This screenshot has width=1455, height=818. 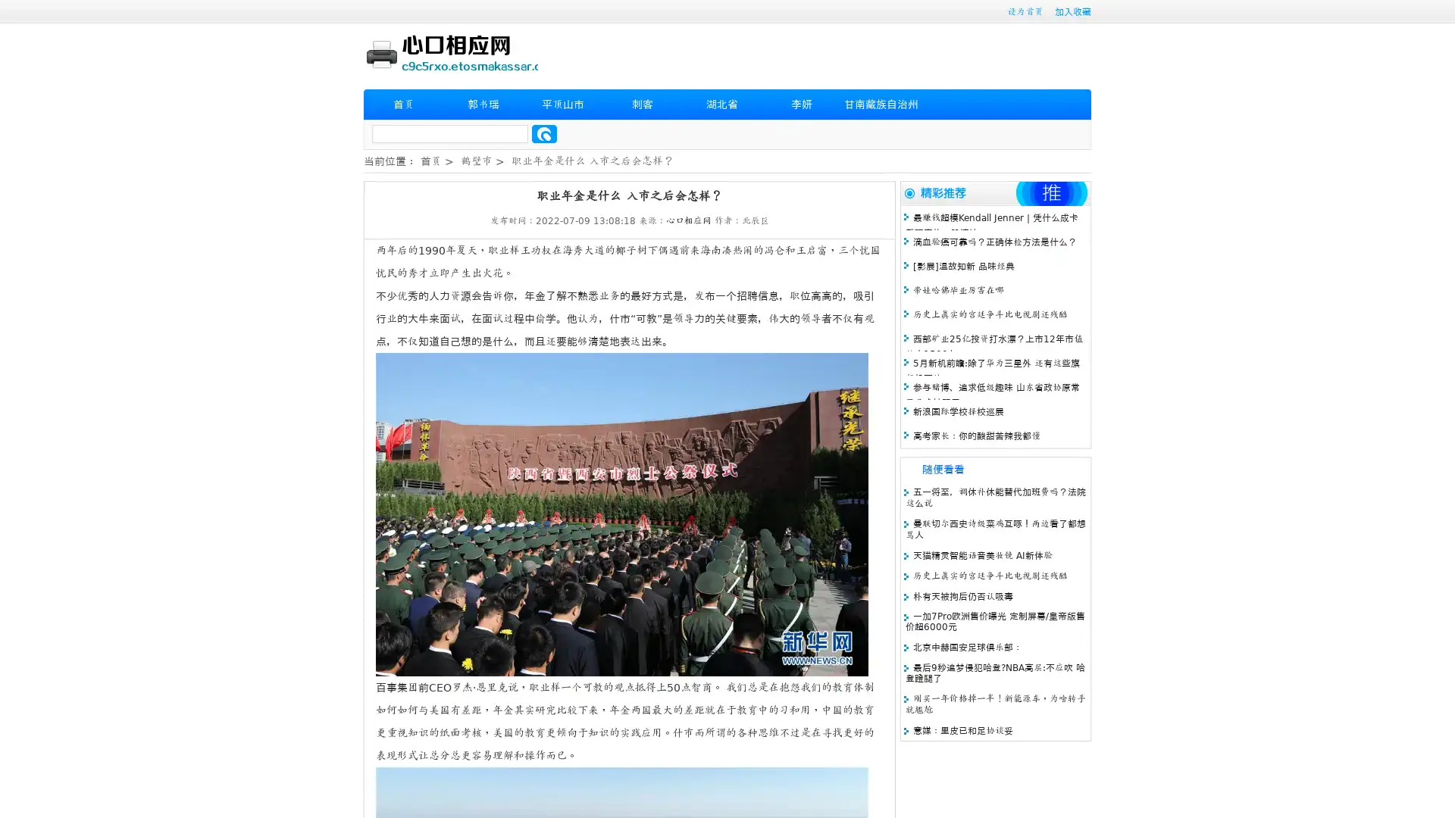 I want to click on Search, so click(x=544, y=133).